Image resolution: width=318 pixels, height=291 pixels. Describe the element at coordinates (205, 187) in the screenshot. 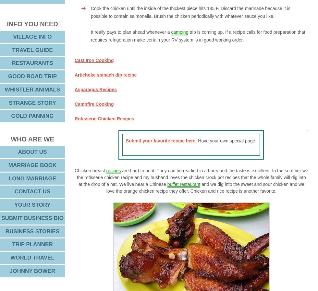

I see `'and we dig into the sweet and sour chicken and we love the orange chicken recipe they offer. Chicken and rice recipe is another favorite.'` at that location.